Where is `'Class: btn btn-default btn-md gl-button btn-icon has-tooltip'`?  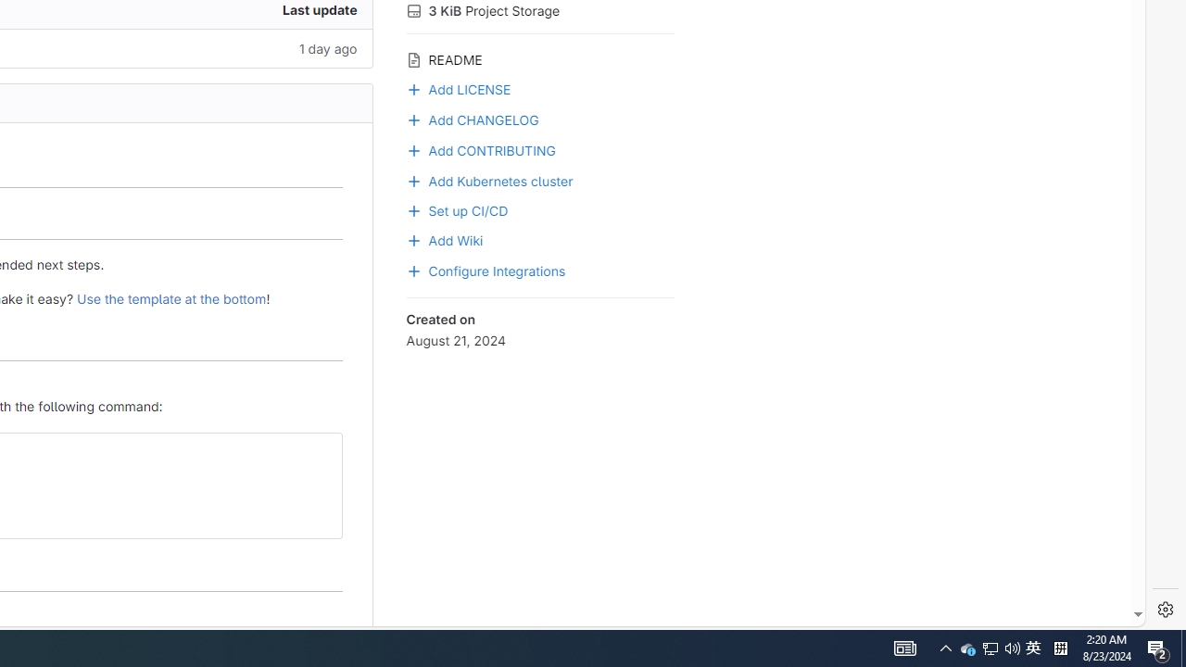 'Class: btn btn-default btn-md gl-button btn-icon has-tooltip' is located at coordinates (321, 453).